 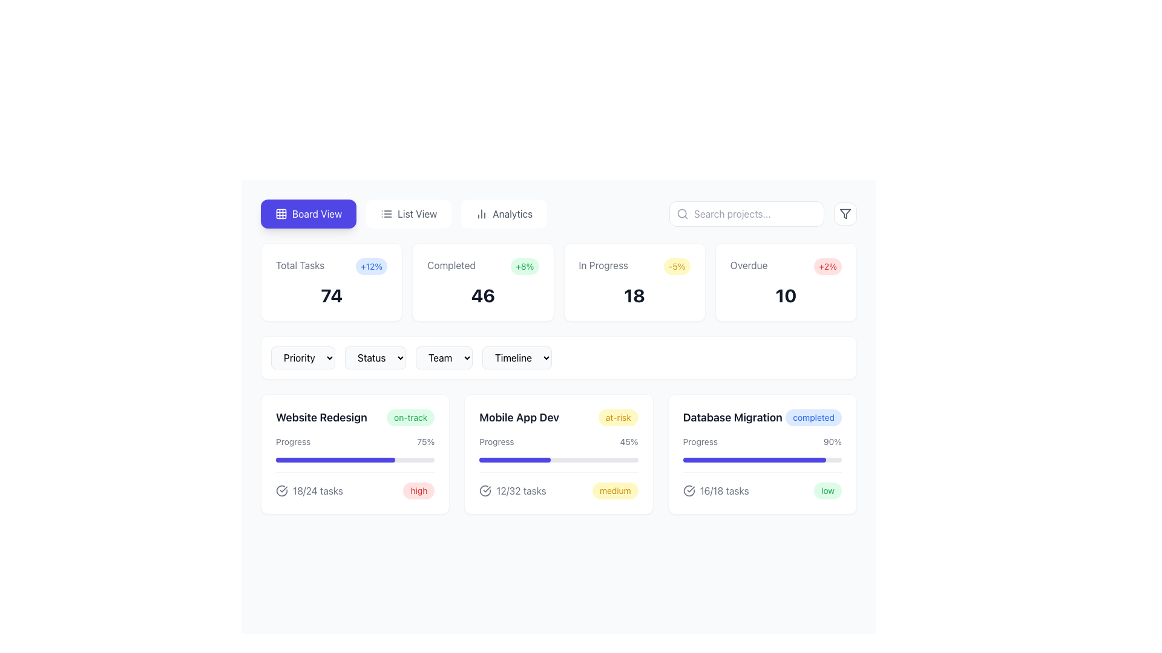 I want to click on progress indicated visually from the horizontal progress bar showing 90% completion in the 'Database Migration' section of the dashboard, so click(x=753, y=460).